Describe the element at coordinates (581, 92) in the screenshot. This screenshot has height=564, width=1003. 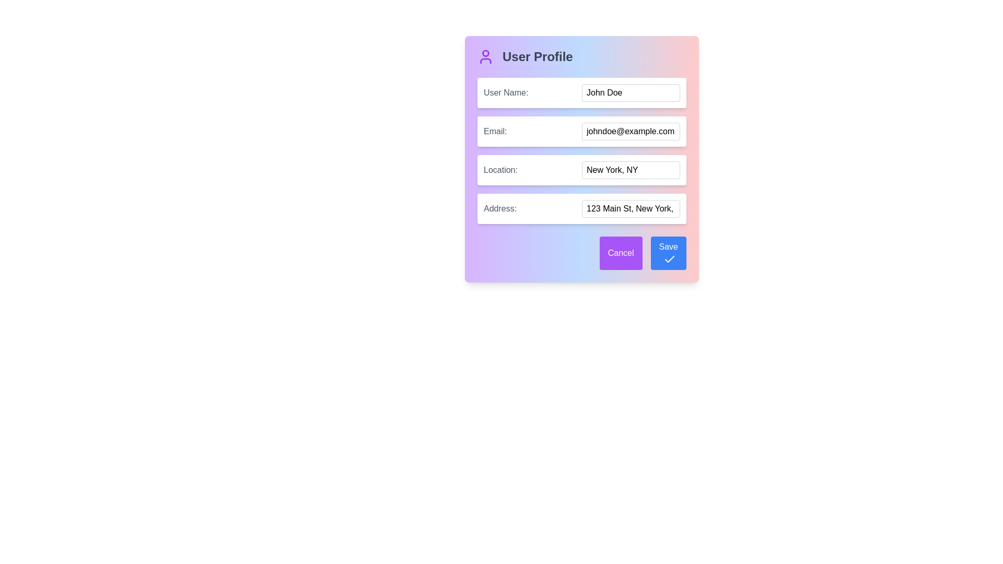
I see `the input field labeled 'User Name:' to focus on it` at that location.